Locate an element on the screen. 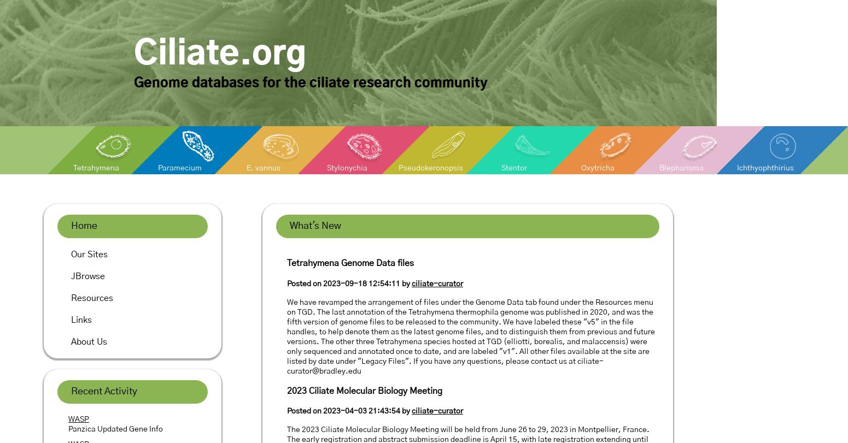 This screenshot has width=848, height=443. 'Stentor' is located at coordinates (514, 168).